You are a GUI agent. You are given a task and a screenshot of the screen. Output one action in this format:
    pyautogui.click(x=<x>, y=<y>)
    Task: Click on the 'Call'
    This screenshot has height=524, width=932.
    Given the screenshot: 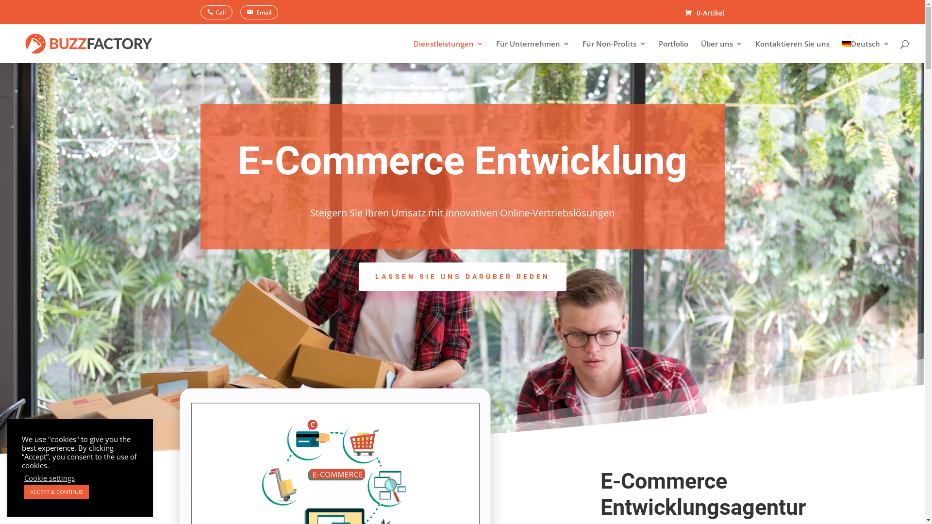 What is the action you would take?
    pyautogui.click(x=220, y=12)
    